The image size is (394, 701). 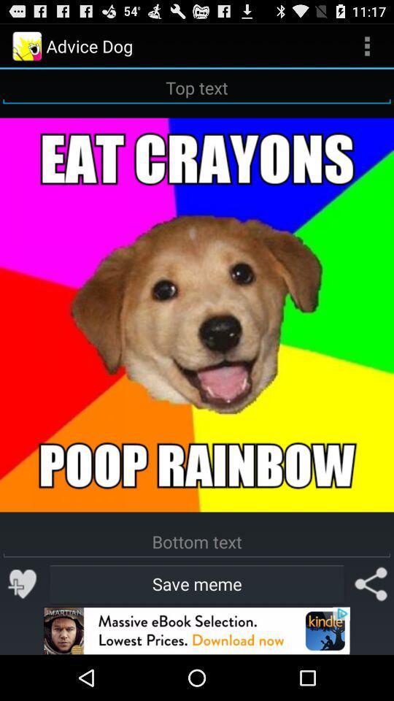 I want to click on i think its fun, so click(x=22, y=583).